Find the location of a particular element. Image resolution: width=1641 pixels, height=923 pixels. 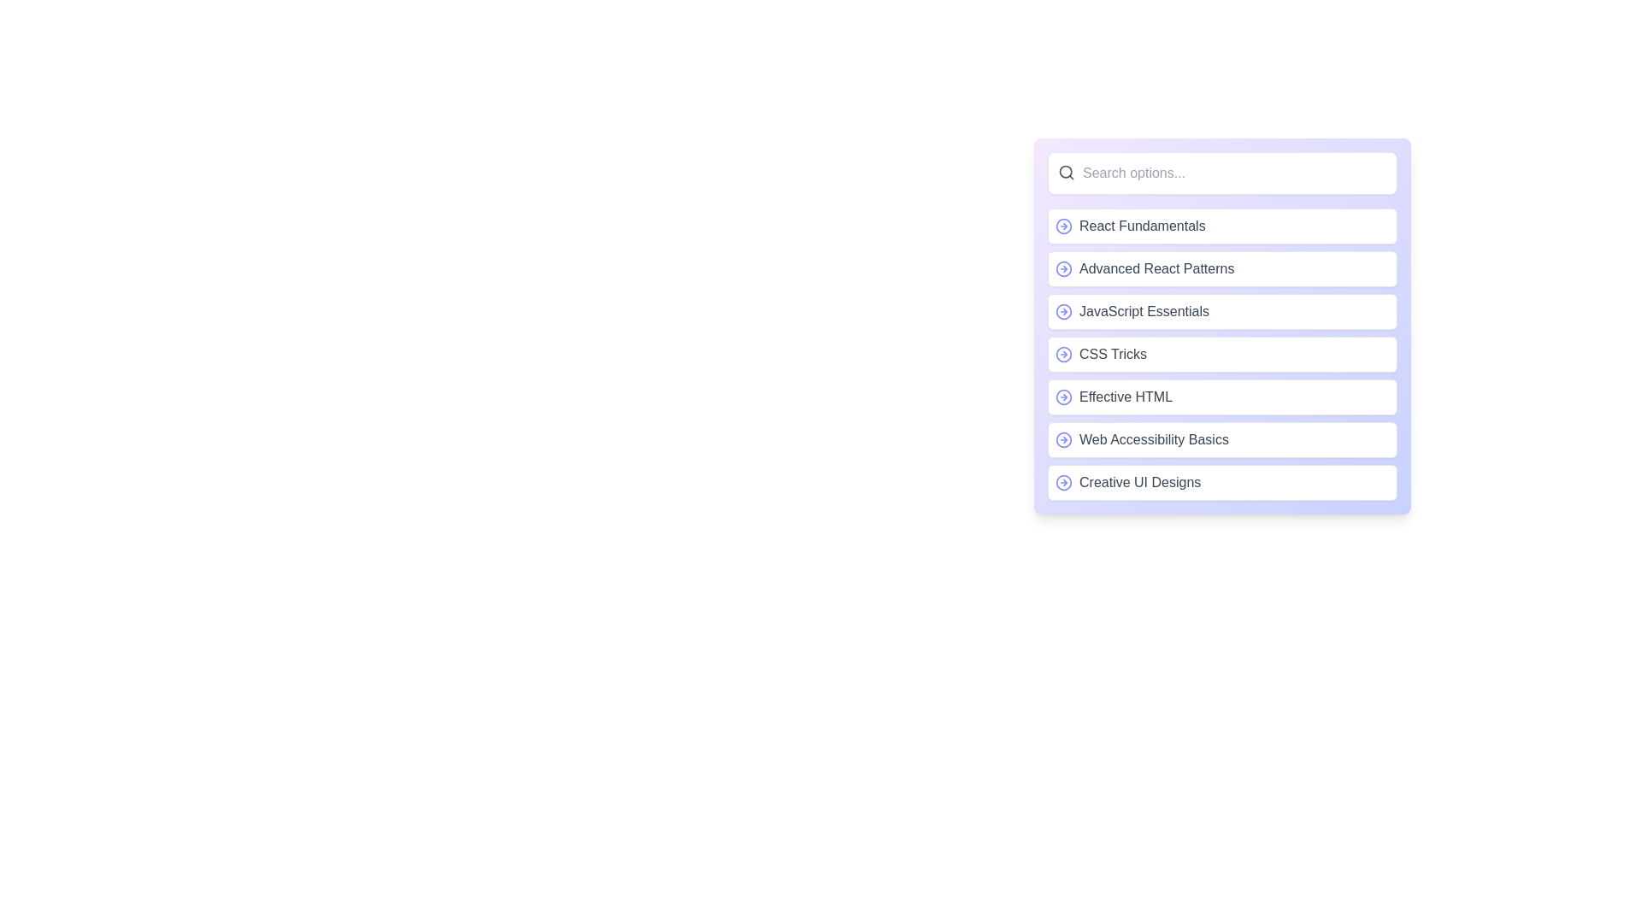

the first selectable item in the list that represents 'React Fundamentals' is located at coordinates (1221, 226).